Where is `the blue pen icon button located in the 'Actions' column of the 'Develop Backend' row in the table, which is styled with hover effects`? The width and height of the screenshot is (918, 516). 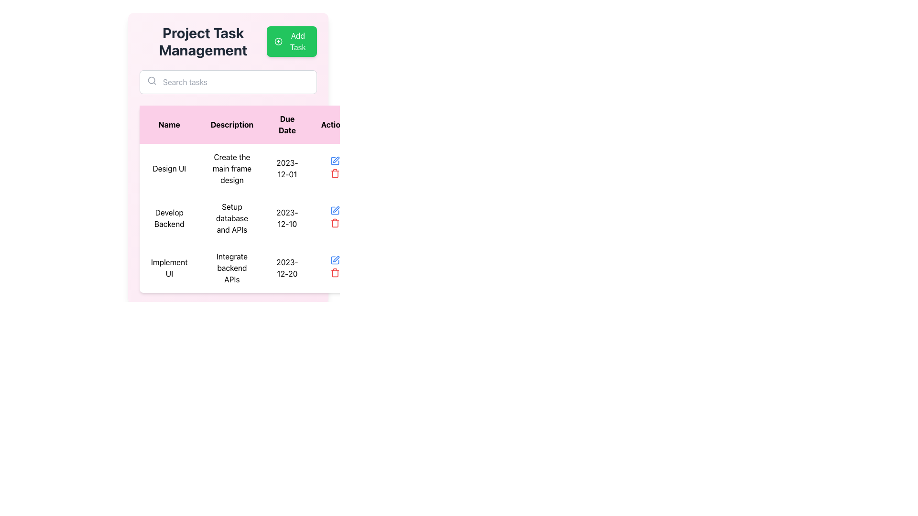 the blue pen icon button located in the 'Actions' column of the 'Develop Backend' row in the table, which is styled with hover effects is located at coordinates (335, 210).